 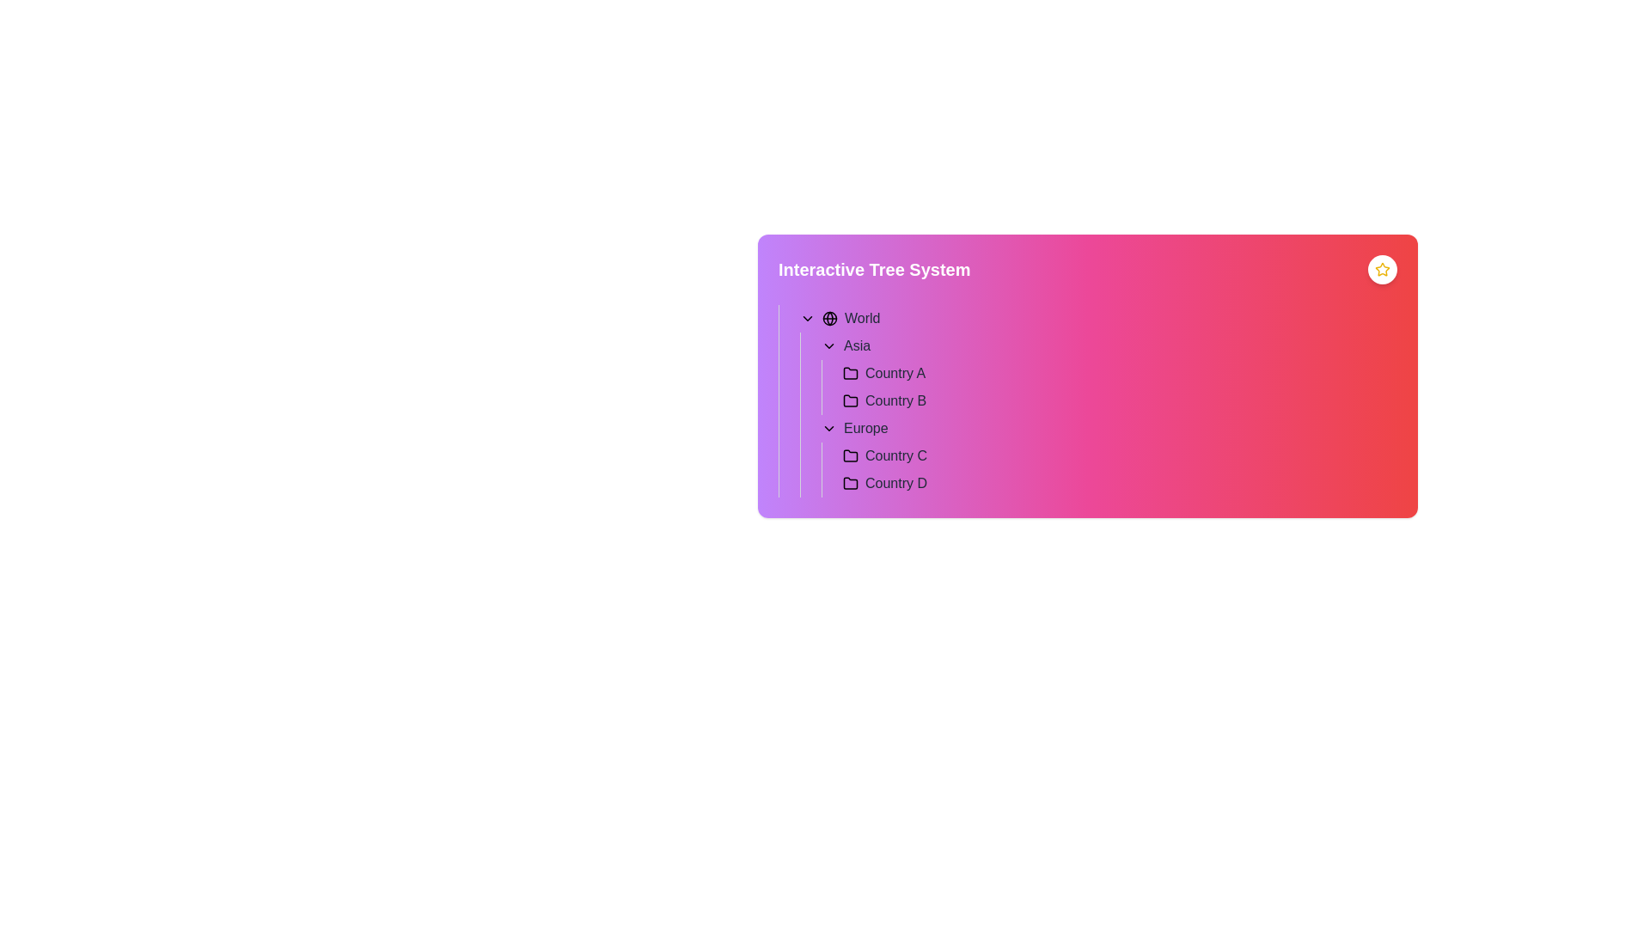 What do you see at coordinates (895, 484) in the screenshot?
I see `text label indicating 'Country D' located within the 'Europe' section of the hierarchical list under the 'Interactive Tree System'` at bounding box center [895, 484].